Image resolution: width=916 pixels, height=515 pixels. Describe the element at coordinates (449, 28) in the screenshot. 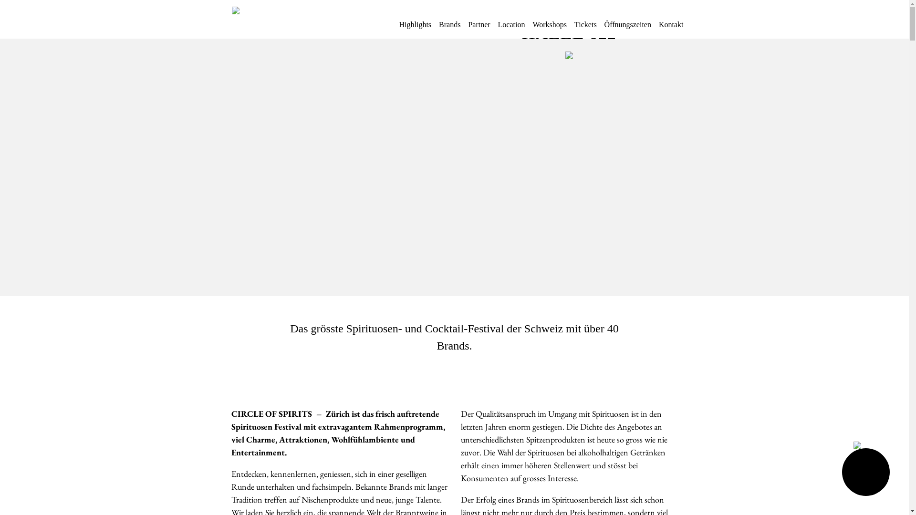

I see `'Brands'` at that location.